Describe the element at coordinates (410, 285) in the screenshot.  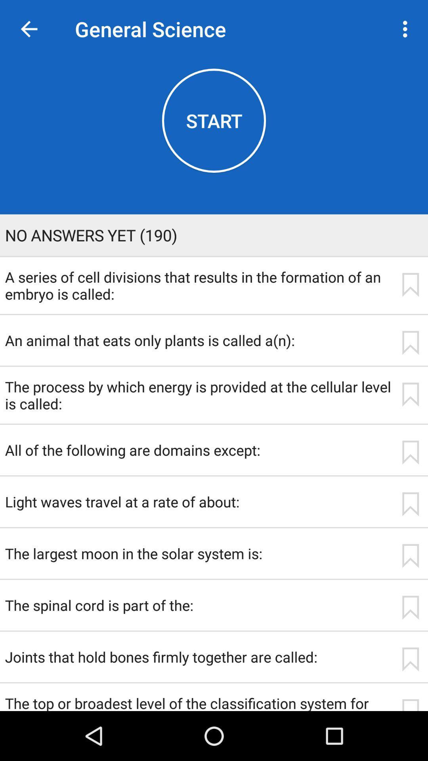
I see `icon next to the a series of` at that location.